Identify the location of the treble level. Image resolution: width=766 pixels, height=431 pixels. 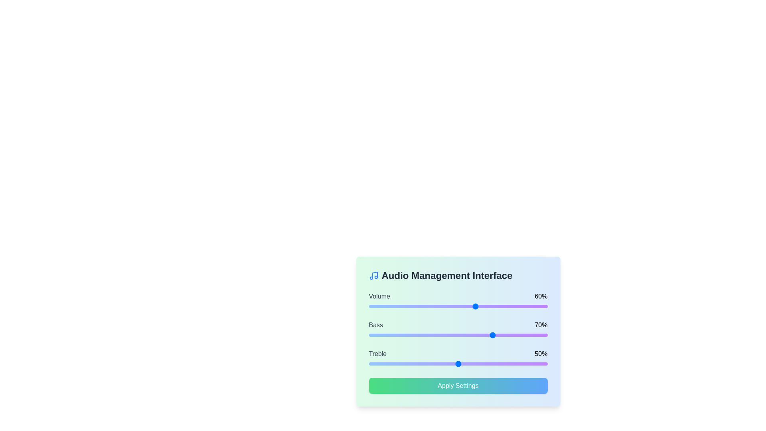
(422, 364).